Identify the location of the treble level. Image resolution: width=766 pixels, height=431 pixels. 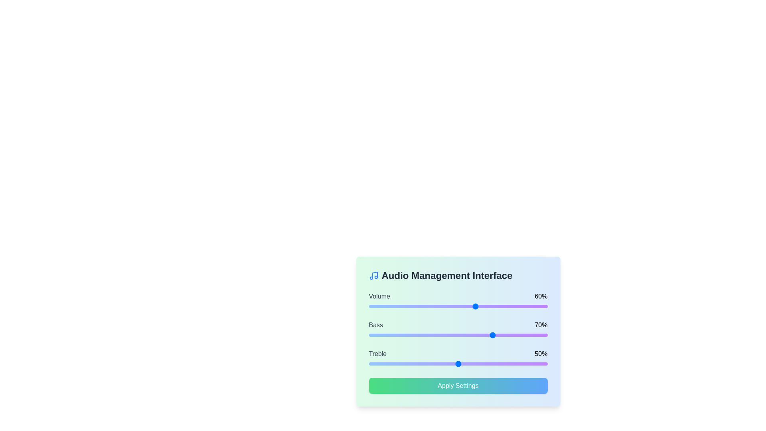
(422, 364).